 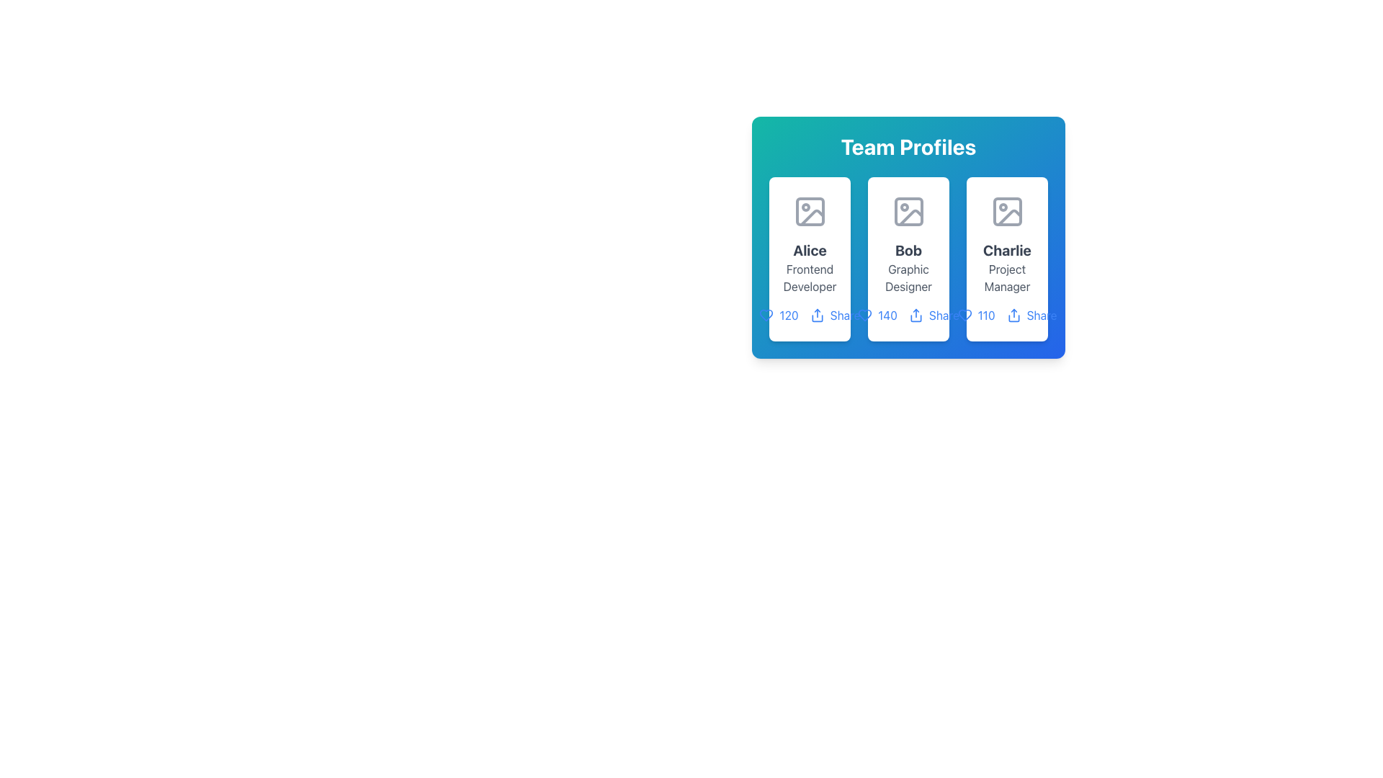 I want to click on the heart icon located in the 'Team Profiles' section under 'Alice - Frontend Developer', so click(x=766, y=315).